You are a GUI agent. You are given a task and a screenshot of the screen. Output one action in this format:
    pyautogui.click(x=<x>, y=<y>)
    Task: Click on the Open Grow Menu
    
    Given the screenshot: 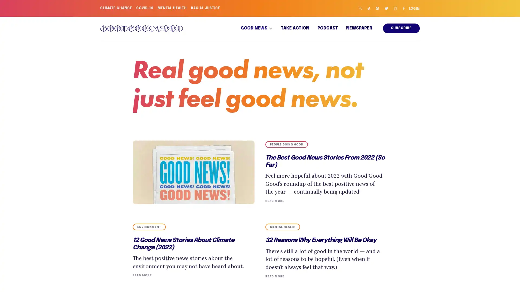 What is the action you would take?
    pyautogui.click(x=509, y=281)
    